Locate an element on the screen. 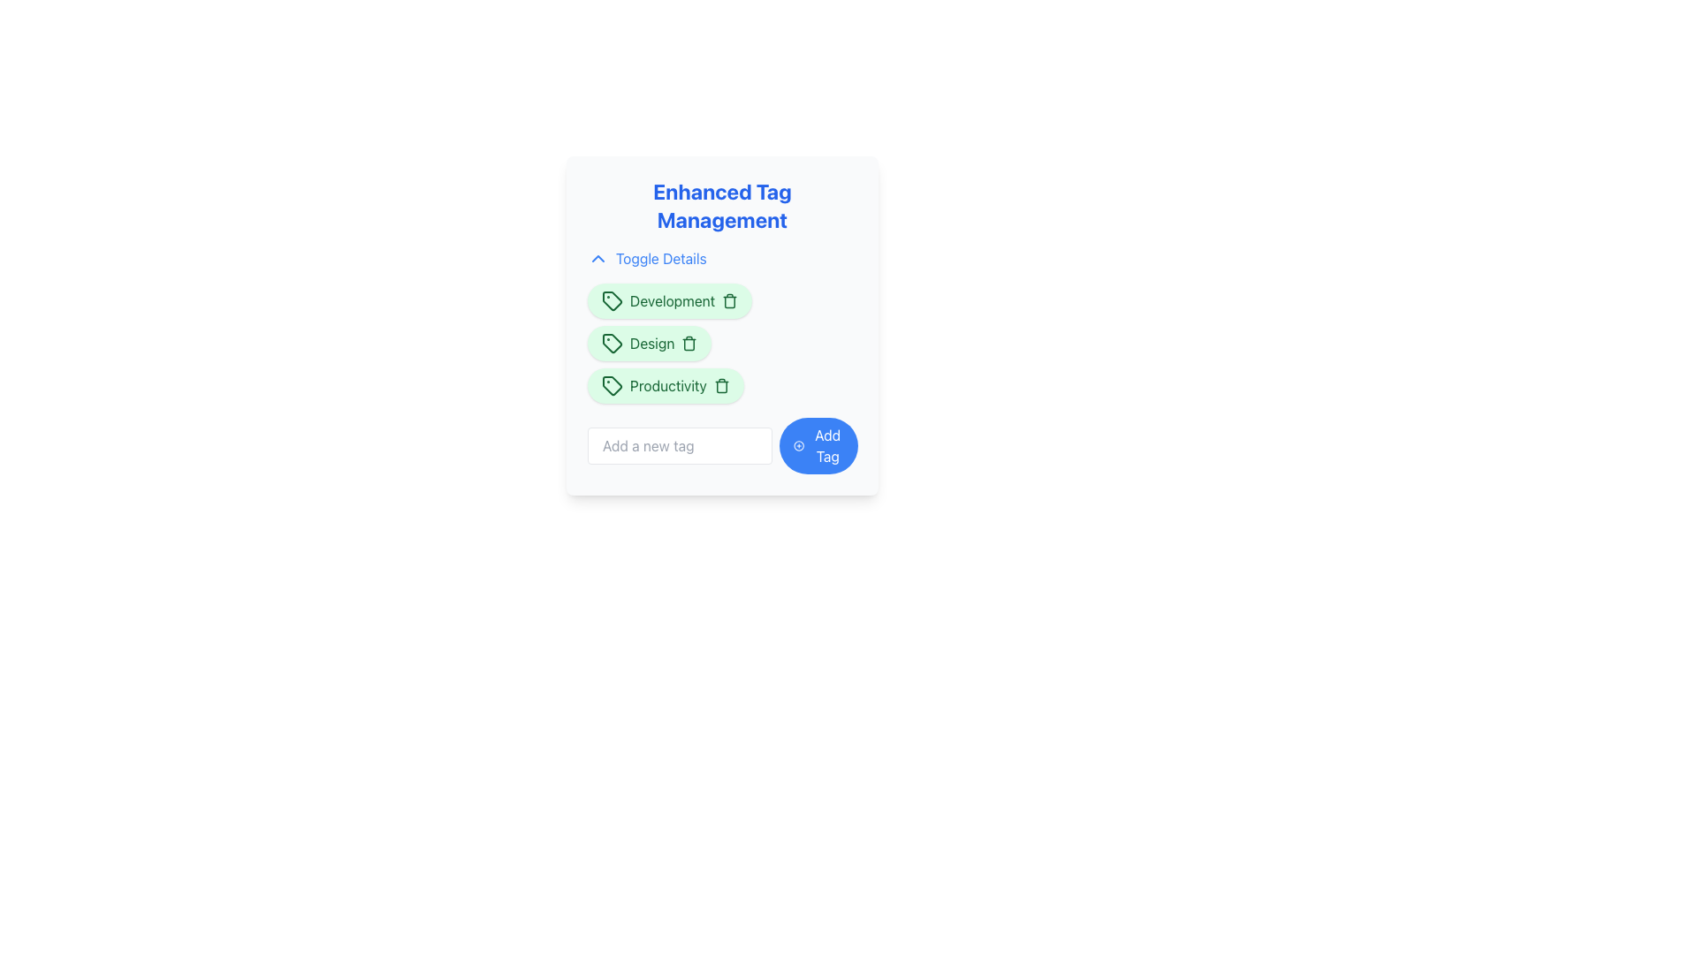 The height and width of the screenshot is (954, 1697). the 'Productivity' tag label, which is the third element in the vertical list under 'Design' within the 'Enhanced Tag Management' section is located at coordinates (722, 377).